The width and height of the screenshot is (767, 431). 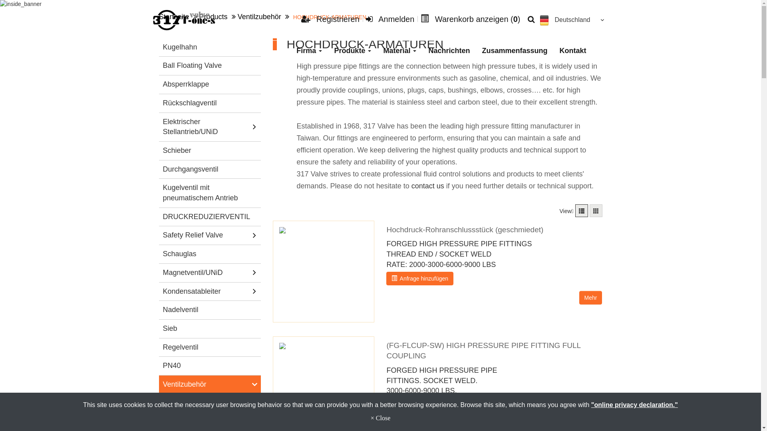 I want to click on 'Nadelventil', so click(x=209, y=309).